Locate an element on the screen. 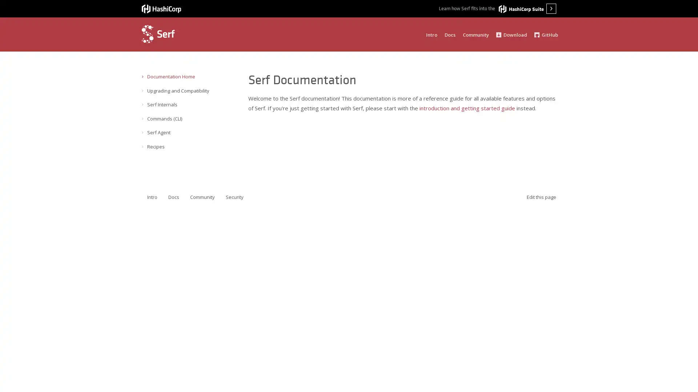  HashiCorp Logo HashiCorp Suite Open is located at coordinates (527, 8).